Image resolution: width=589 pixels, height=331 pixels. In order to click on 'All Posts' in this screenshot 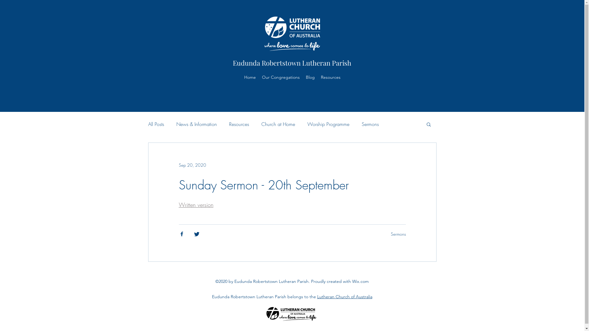, I will do `click(156, 124)`.